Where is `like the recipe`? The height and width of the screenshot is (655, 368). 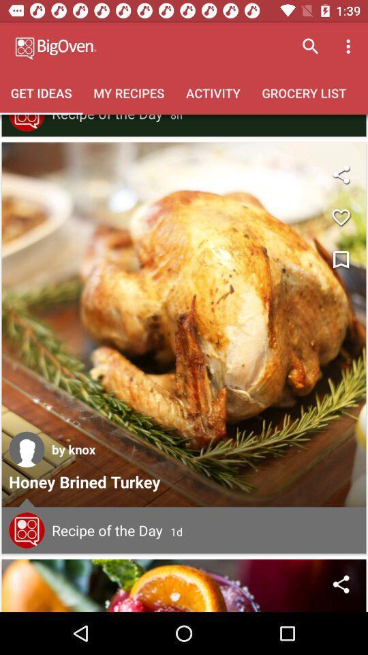
like the recipe is located at coordinates (340, 217).